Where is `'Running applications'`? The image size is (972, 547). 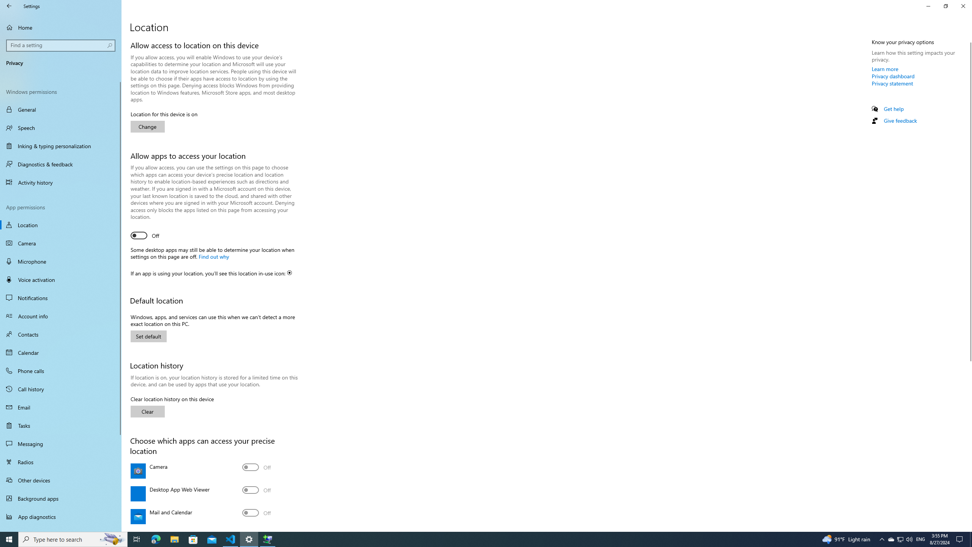 'Running applications' is located at coordinates (472, 539).